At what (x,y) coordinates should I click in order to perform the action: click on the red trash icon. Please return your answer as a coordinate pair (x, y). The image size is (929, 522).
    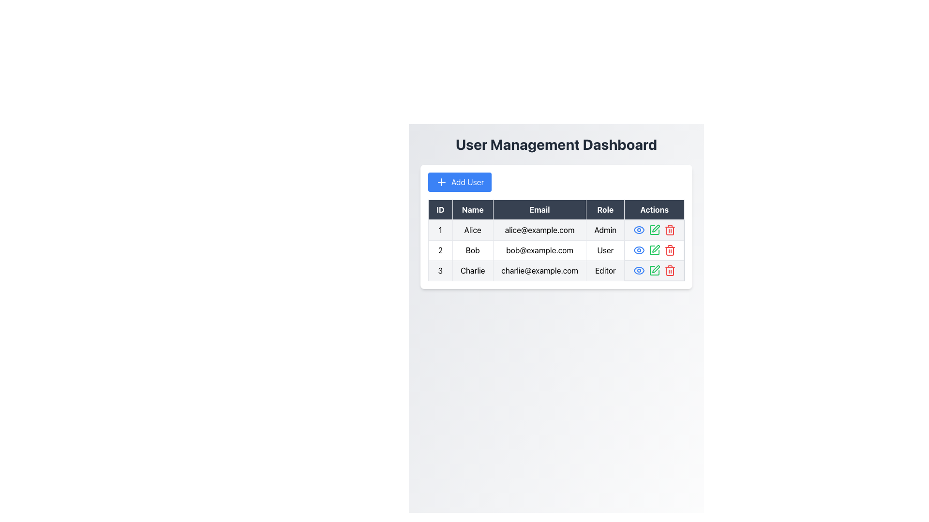
    Looking at the image, I should click on (669, 249).